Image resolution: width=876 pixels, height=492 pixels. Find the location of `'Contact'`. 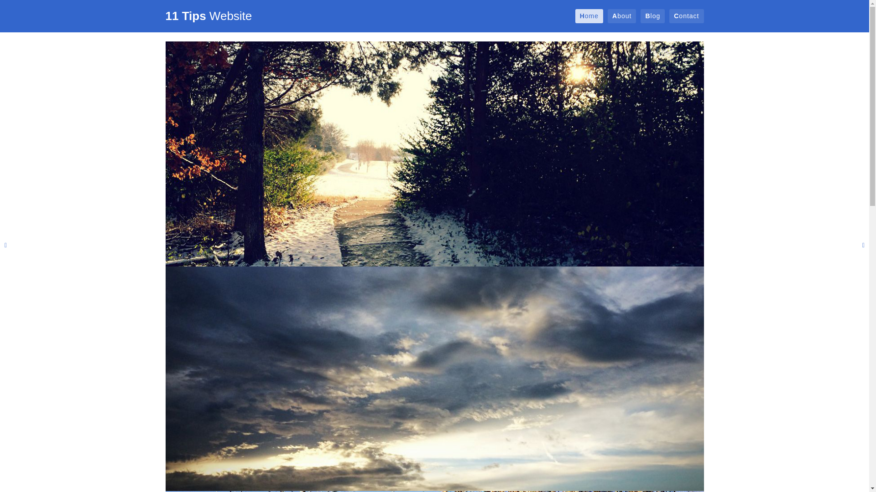

'Contact' is located at coordinates (686, 16).